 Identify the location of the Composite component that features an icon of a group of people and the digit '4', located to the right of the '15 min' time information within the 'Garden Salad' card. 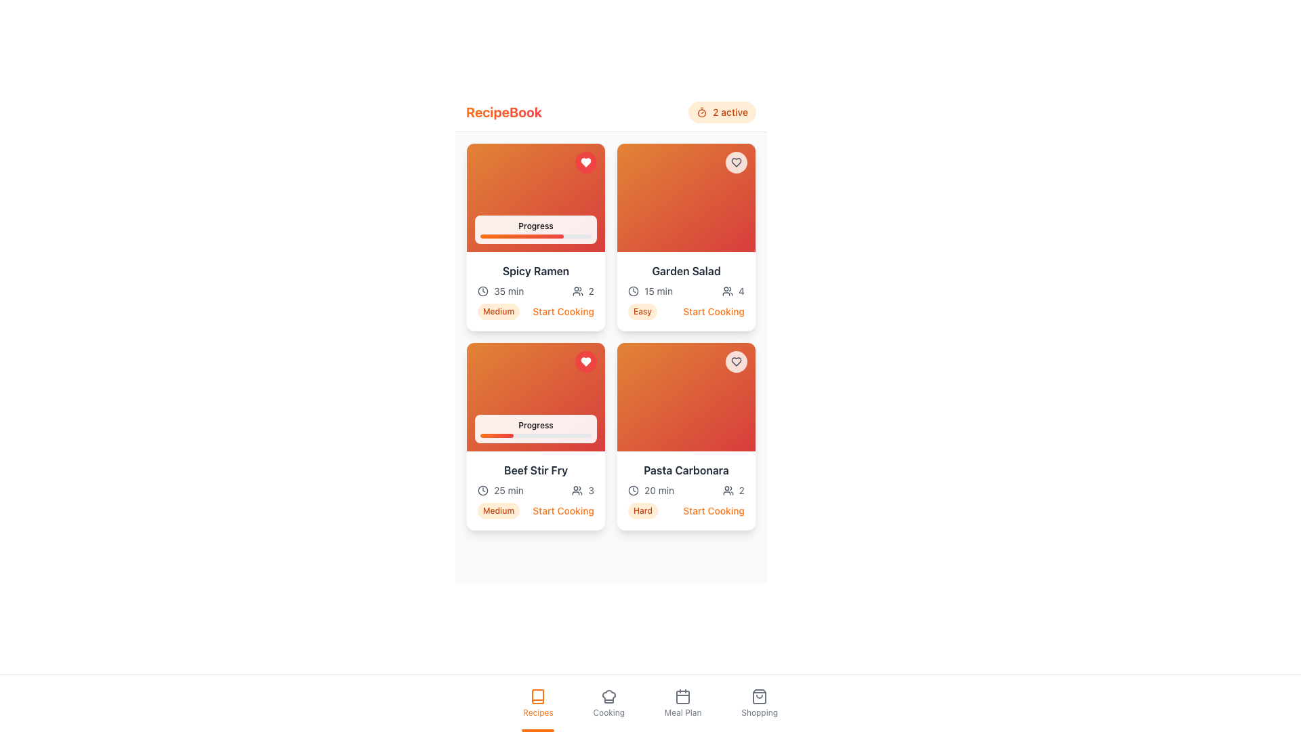
(732, 290).